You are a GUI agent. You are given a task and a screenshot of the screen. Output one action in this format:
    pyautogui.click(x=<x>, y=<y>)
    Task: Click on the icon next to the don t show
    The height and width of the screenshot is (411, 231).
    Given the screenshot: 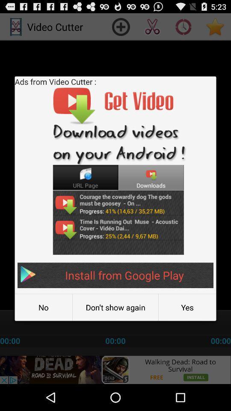 What is the action you would take?
    pyautogui.click(x=187, y=307)
    